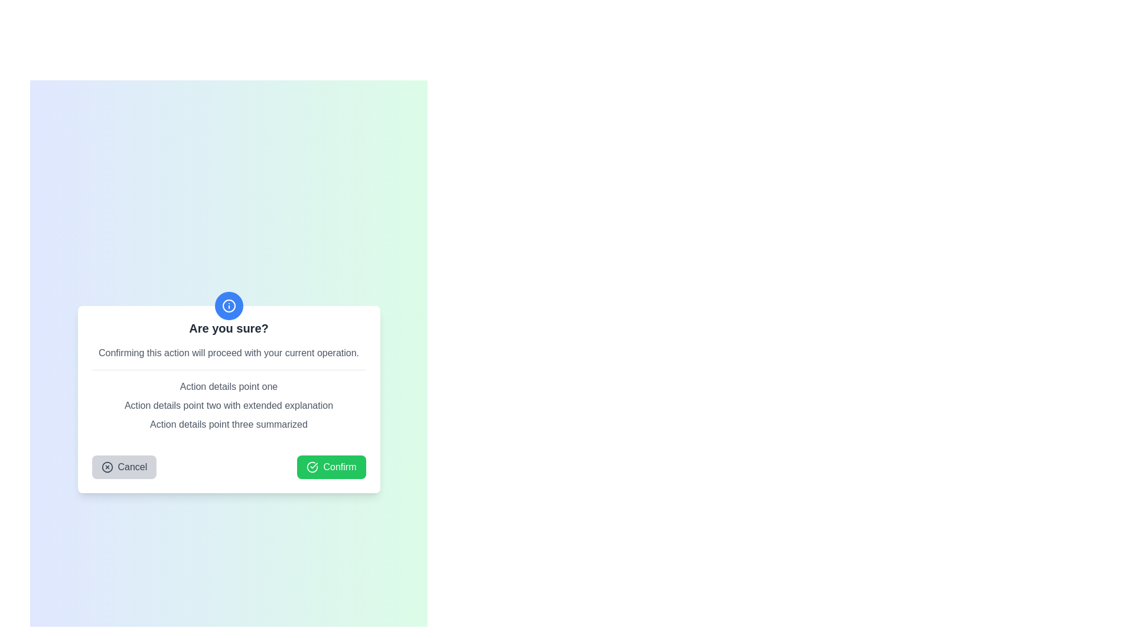 The width and height of the screenshot is (1134, 638). What do you see at coordinates (331, 466) in the screenshot?
I see `the 'Confirm' button located at the bottom right of the dialog box to proceed with the intended operation` at bounding box center [331, 466].